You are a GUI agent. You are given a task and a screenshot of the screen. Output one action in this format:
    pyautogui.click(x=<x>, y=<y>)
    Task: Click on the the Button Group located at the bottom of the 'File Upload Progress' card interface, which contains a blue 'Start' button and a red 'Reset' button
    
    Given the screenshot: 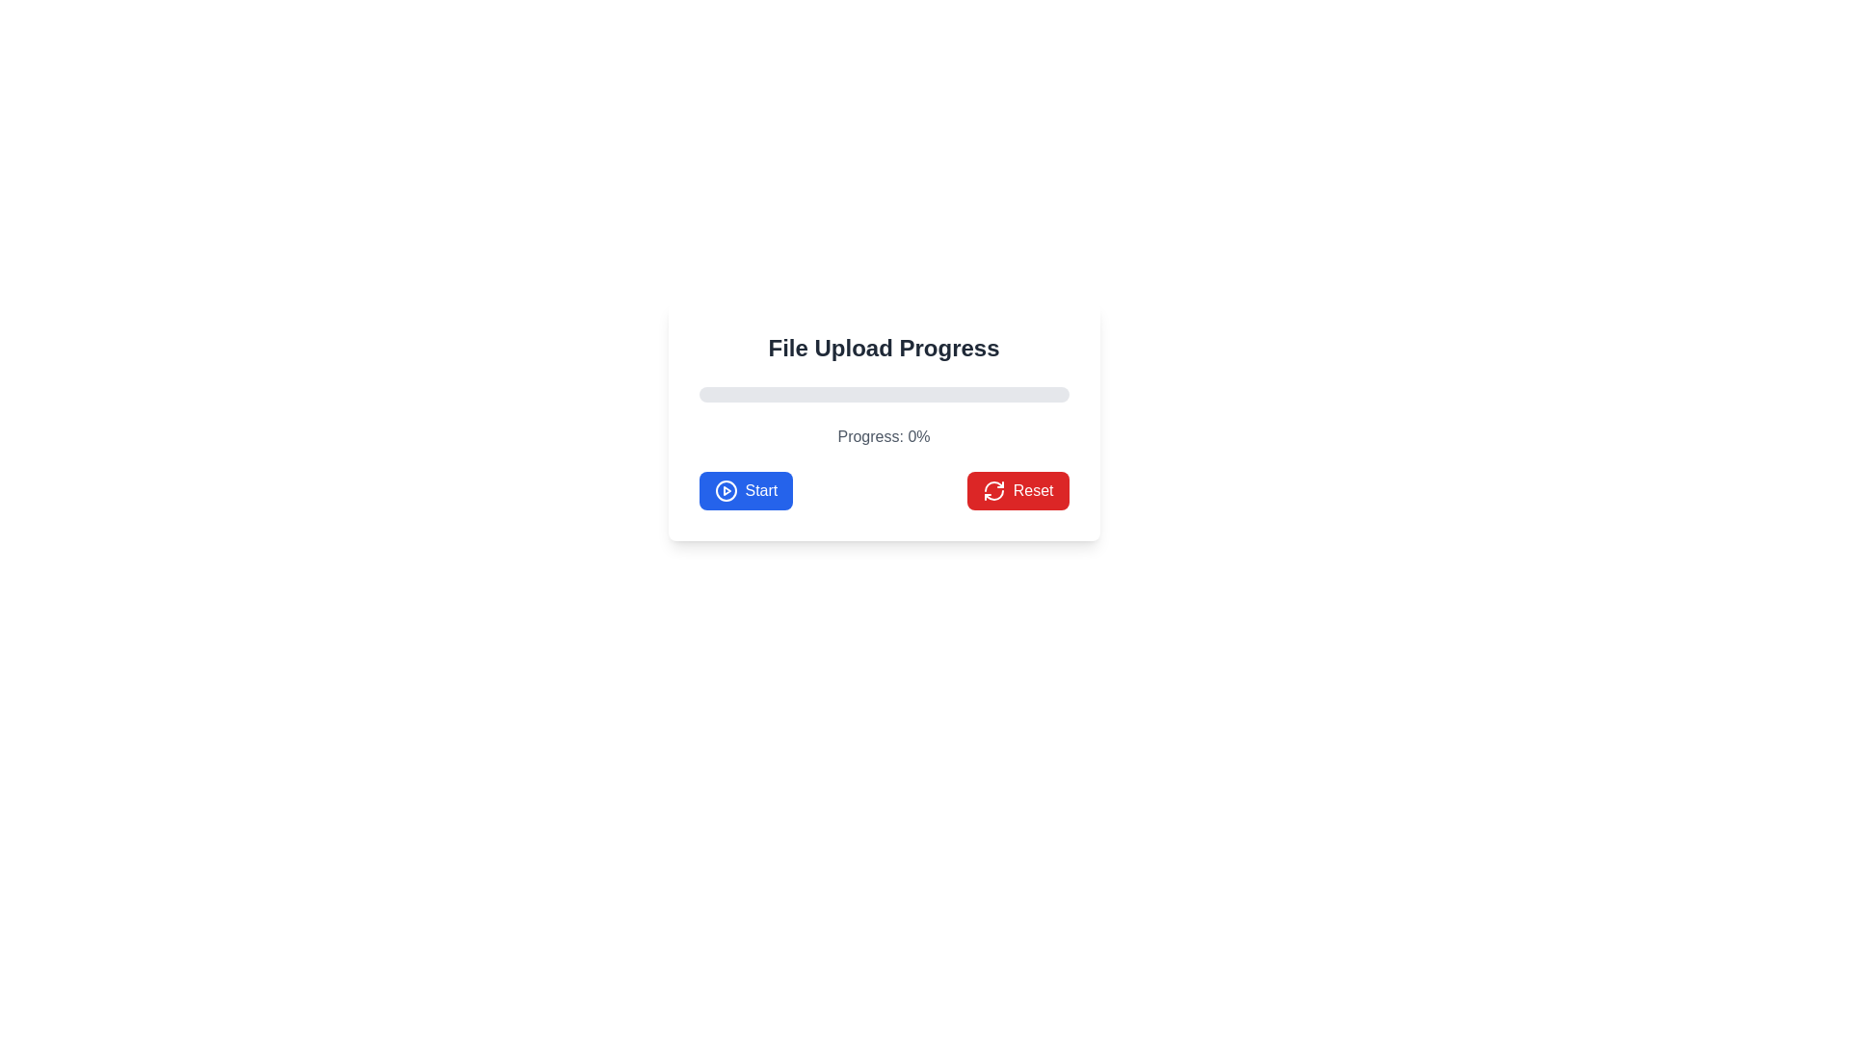 What is the action you would take?
    pyautogui.click(x=883, y=489)
    